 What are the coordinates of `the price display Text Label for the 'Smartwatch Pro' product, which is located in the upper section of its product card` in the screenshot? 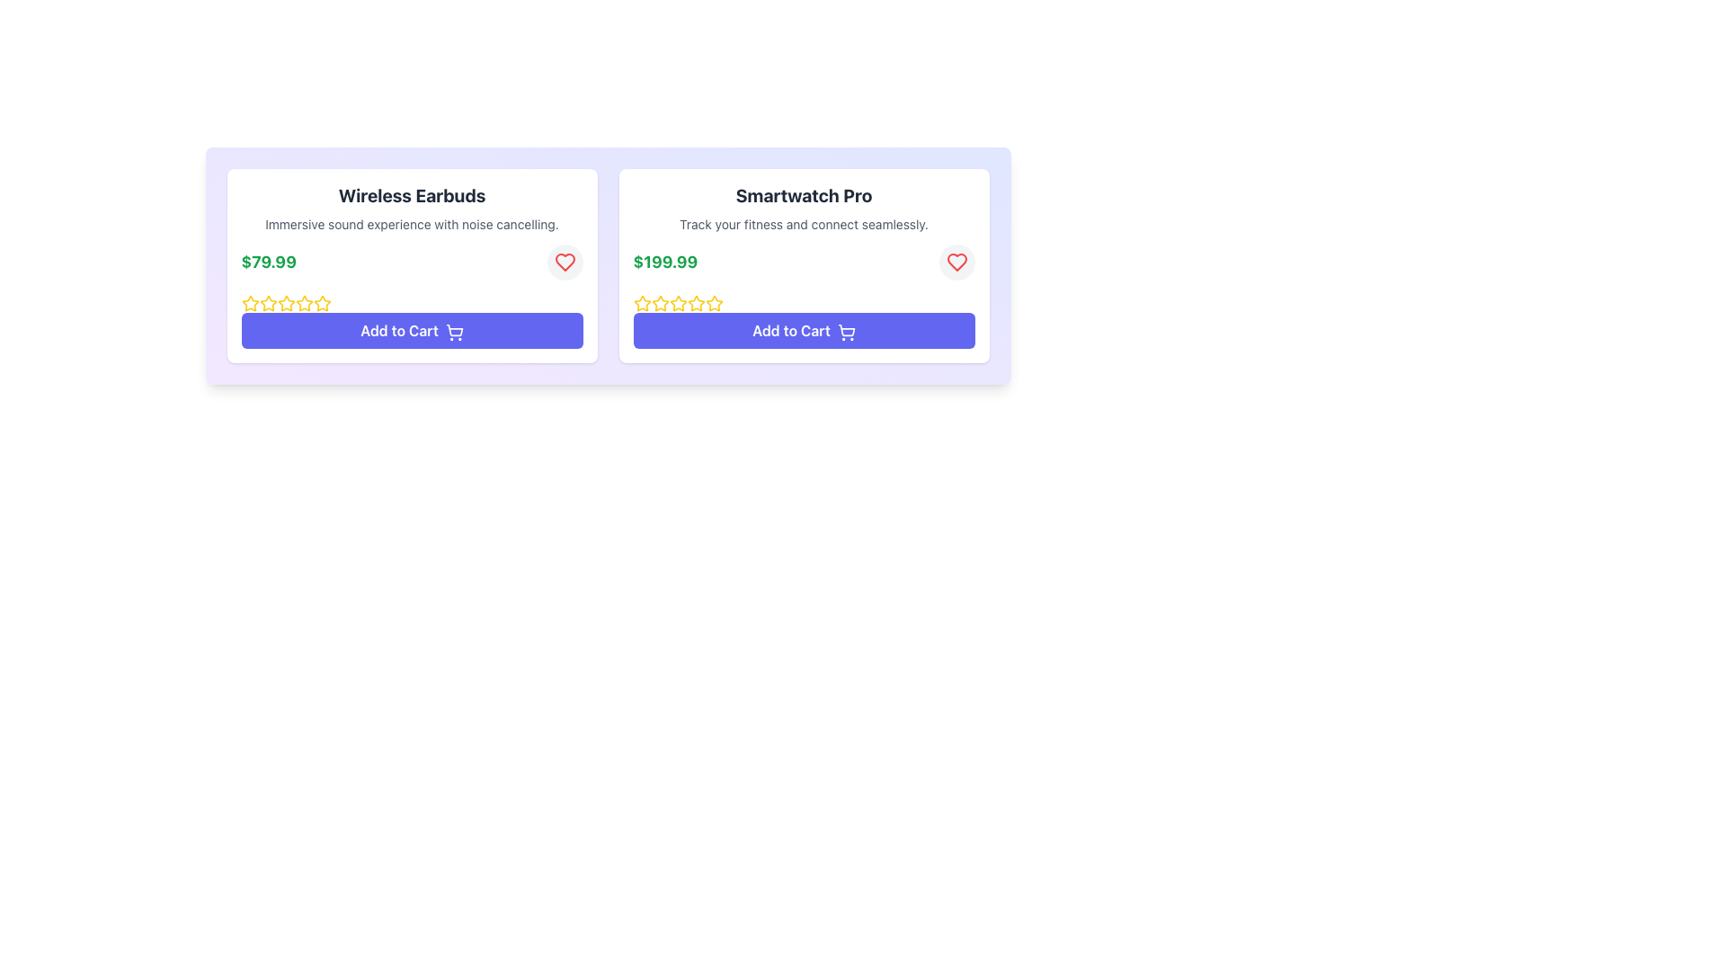 It's located at (664, 263).